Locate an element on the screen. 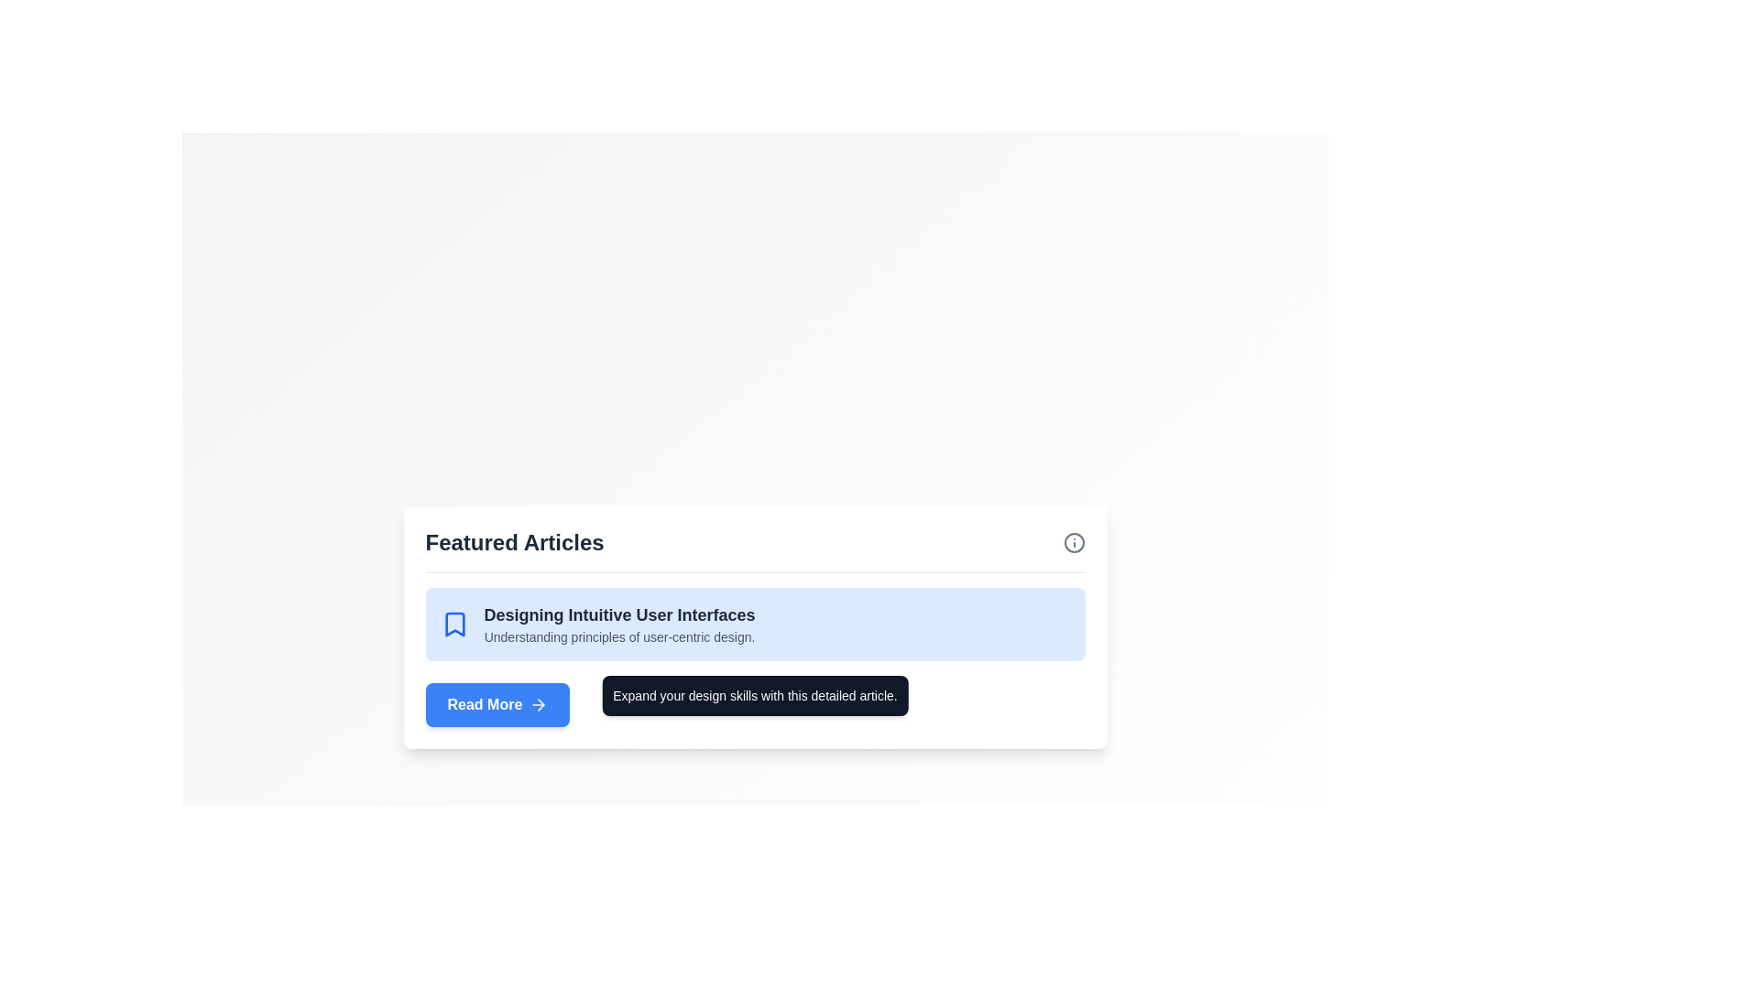  the SVG icon located to the left of the text titled 'Designing Intuitive User Interfaces', which serves as a visual identifier for the featured article is located at coordinates (454, 623).